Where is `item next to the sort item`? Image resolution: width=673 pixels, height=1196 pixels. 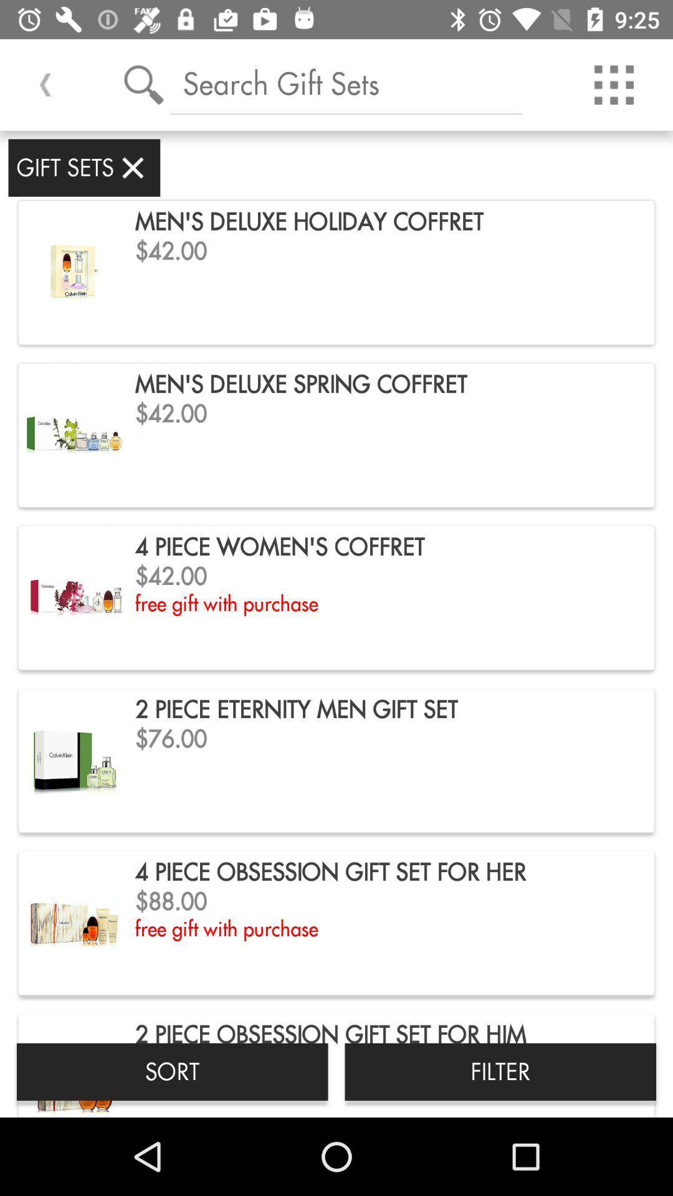 item next to the sort item is located at coordinates (500, 1071).